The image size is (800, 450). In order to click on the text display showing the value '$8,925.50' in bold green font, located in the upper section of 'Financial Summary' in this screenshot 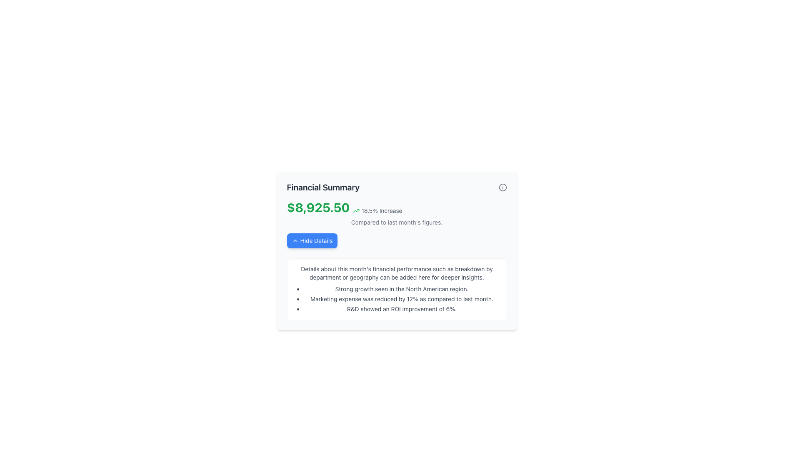, I will do `click(317, 207)`.